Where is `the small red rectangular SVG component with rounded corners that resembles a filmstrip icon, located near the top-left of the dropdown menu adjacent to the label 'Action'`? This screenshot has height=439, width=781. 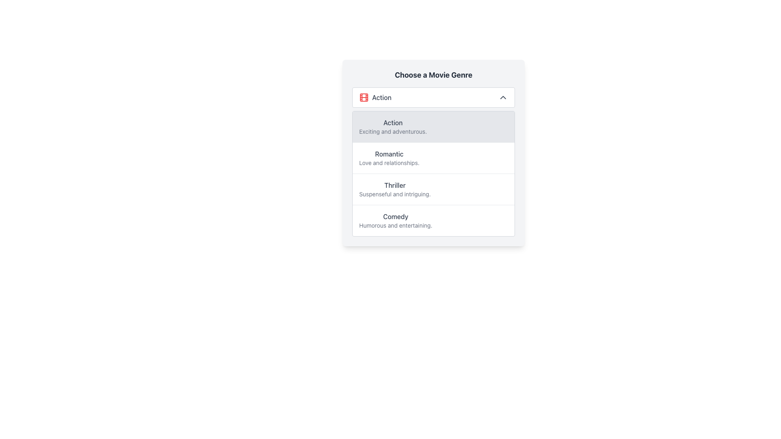 the small red rectangular SVG component with rounded corners that resembles a filmstrip icon, located near the top-left of the dropdown menu adjacent to the label 'Action' is located at coordinates (363, 97).